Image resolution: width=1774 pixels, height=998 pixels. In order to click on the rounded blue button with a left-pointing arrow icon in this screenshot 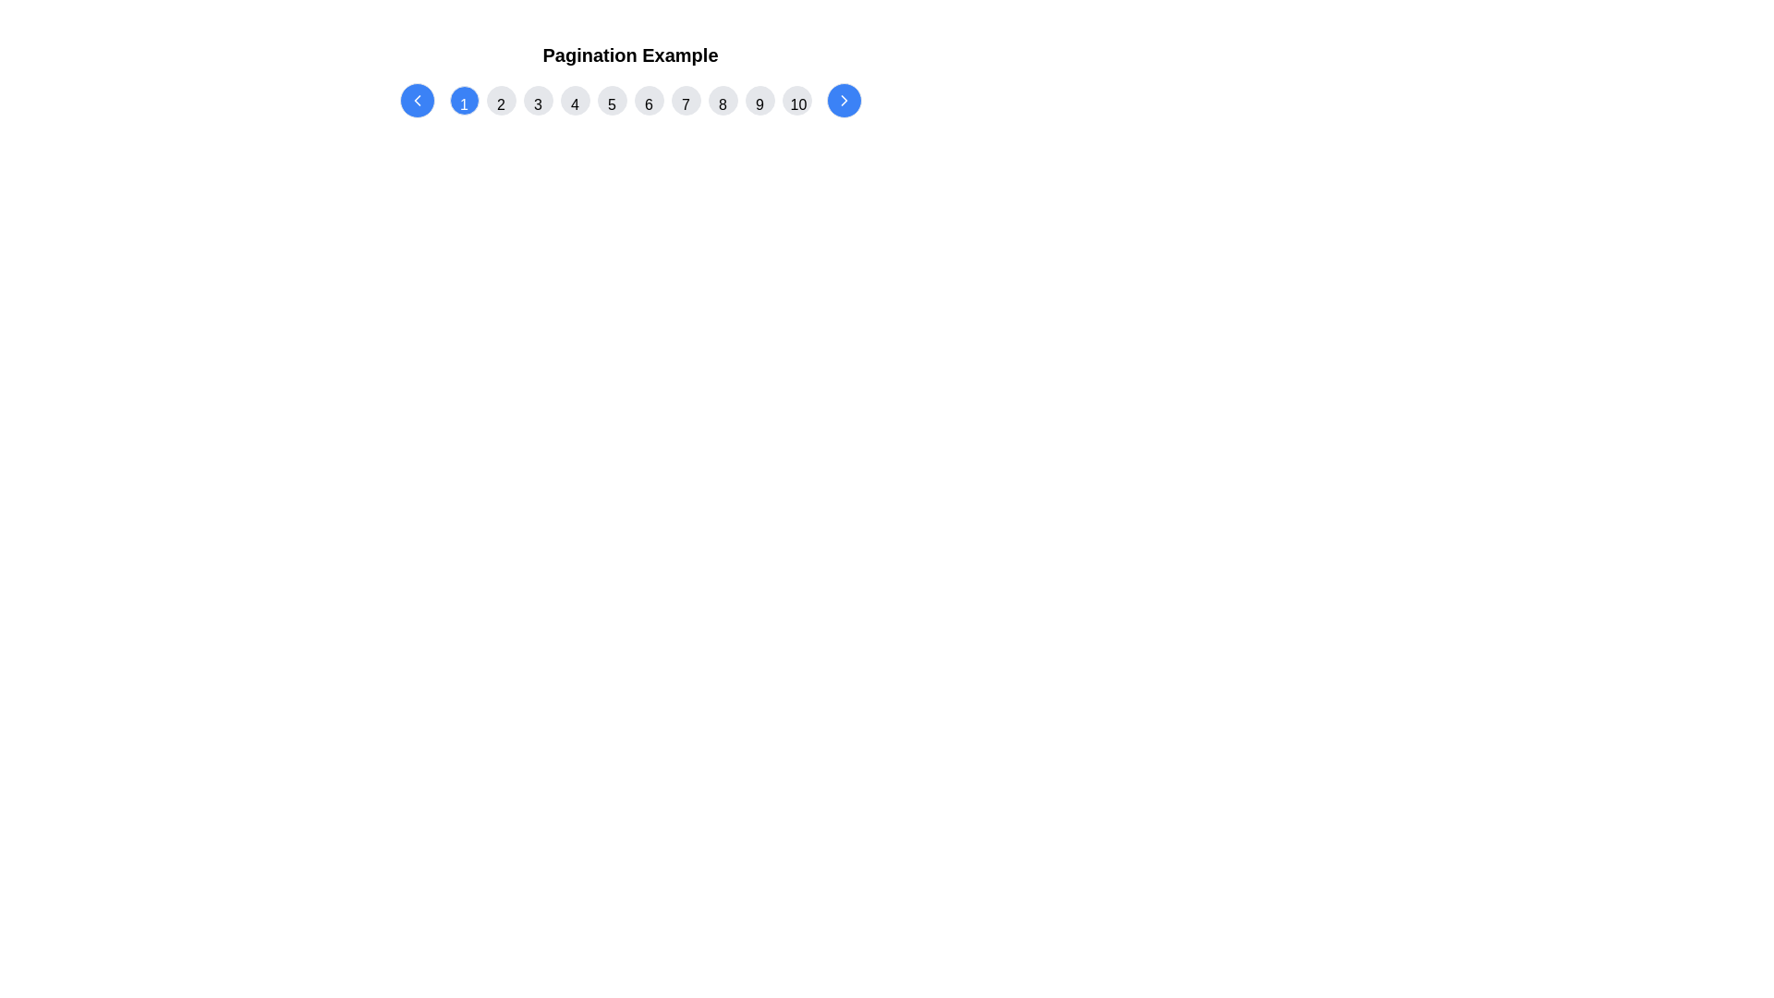, I will do `click(416, 100)`.